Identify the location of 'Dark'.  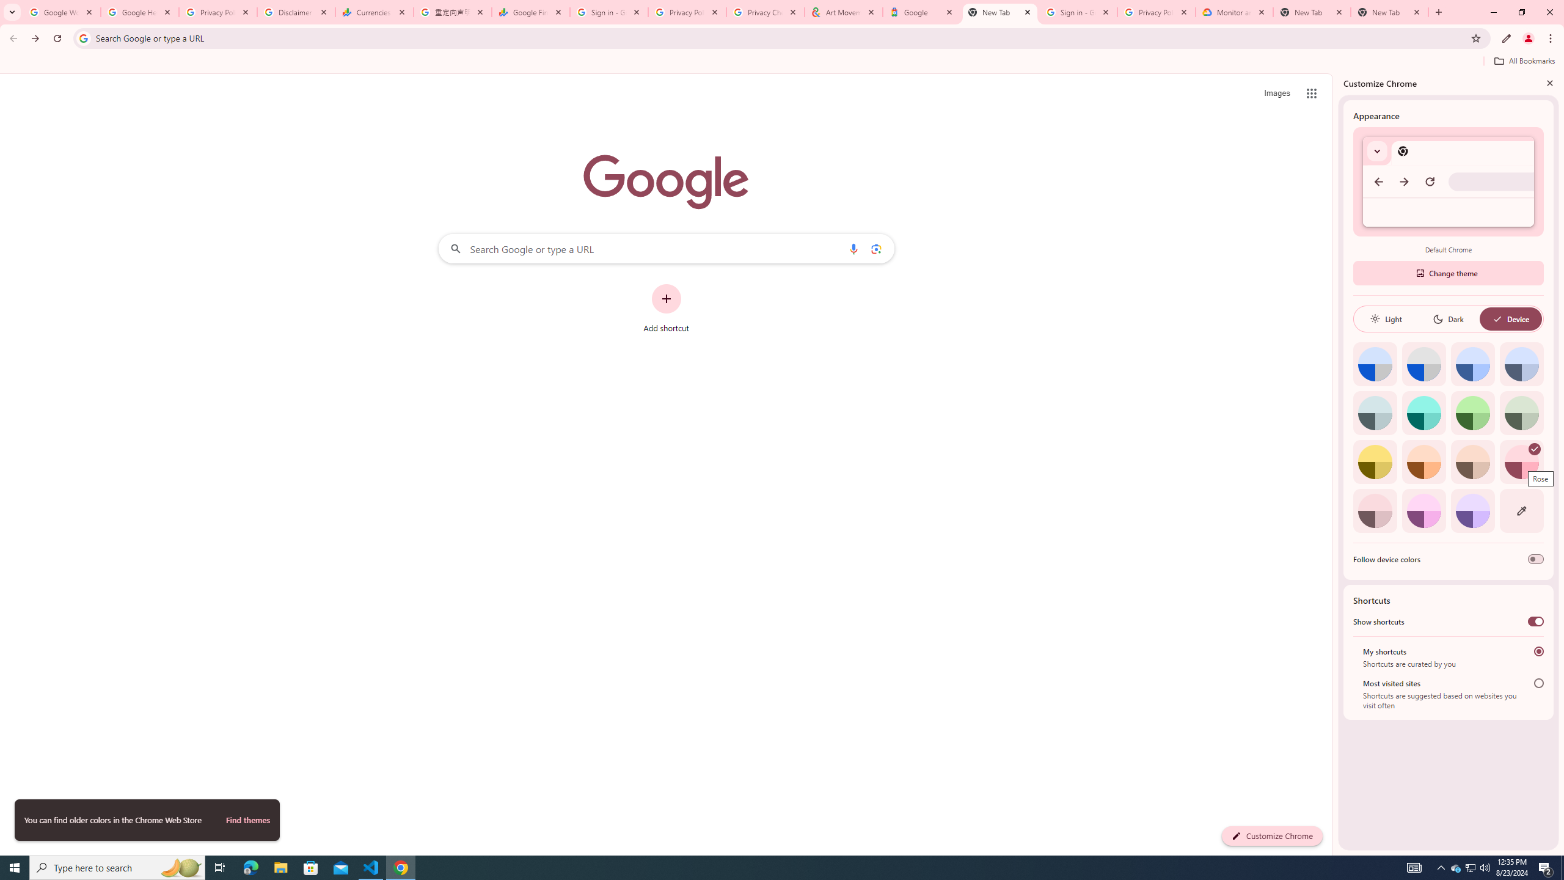
(1447, 318).